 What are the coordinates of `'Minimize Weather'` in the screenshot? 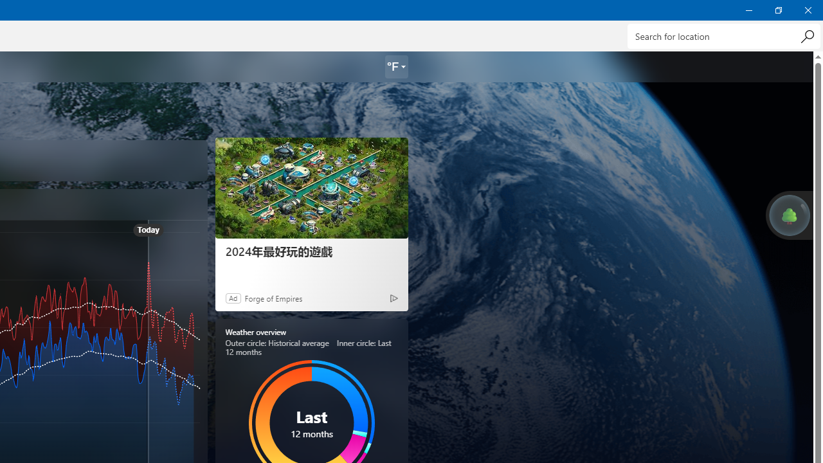 It's located at (748, 10).